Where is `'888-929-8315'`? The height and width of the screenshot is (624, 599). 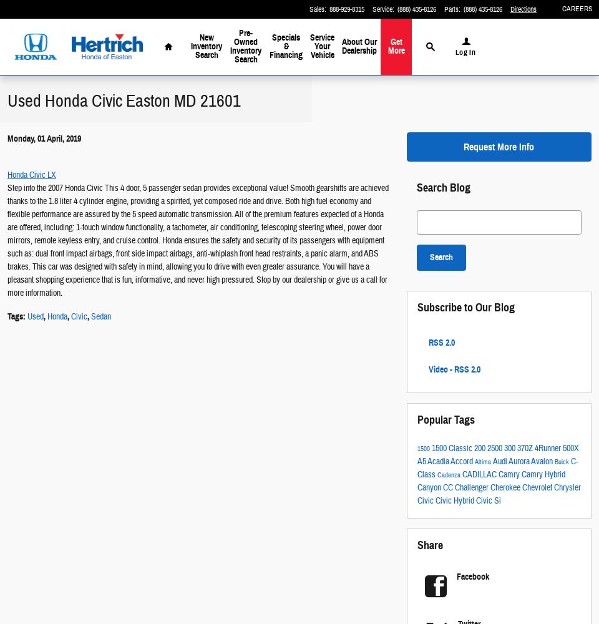 '888-929-8315' is located at coordinates (347, 9).